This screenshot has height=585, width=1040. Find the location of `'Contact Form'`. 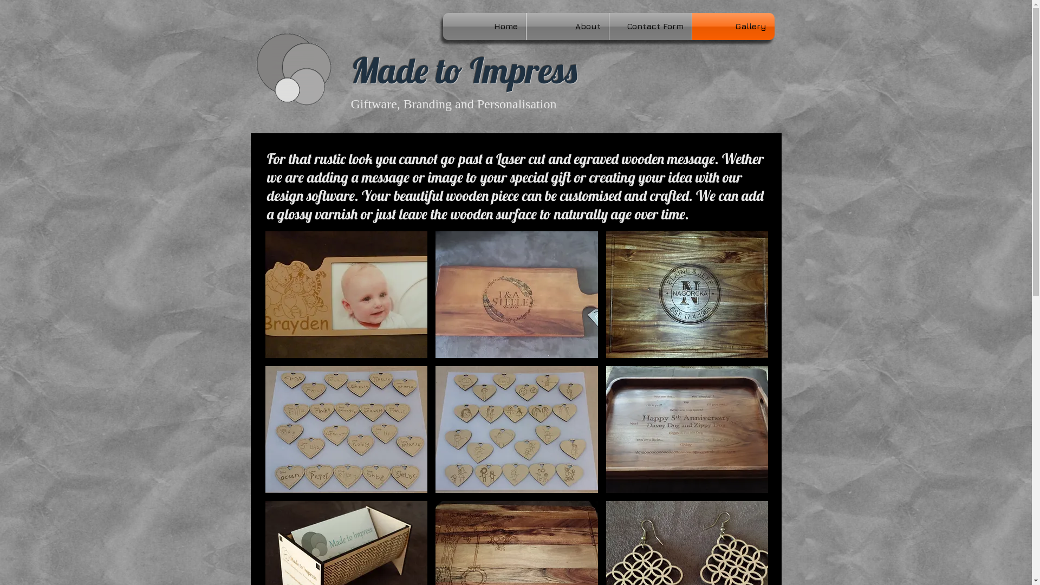

'Contact Form' is located at coordinates (650, 26).